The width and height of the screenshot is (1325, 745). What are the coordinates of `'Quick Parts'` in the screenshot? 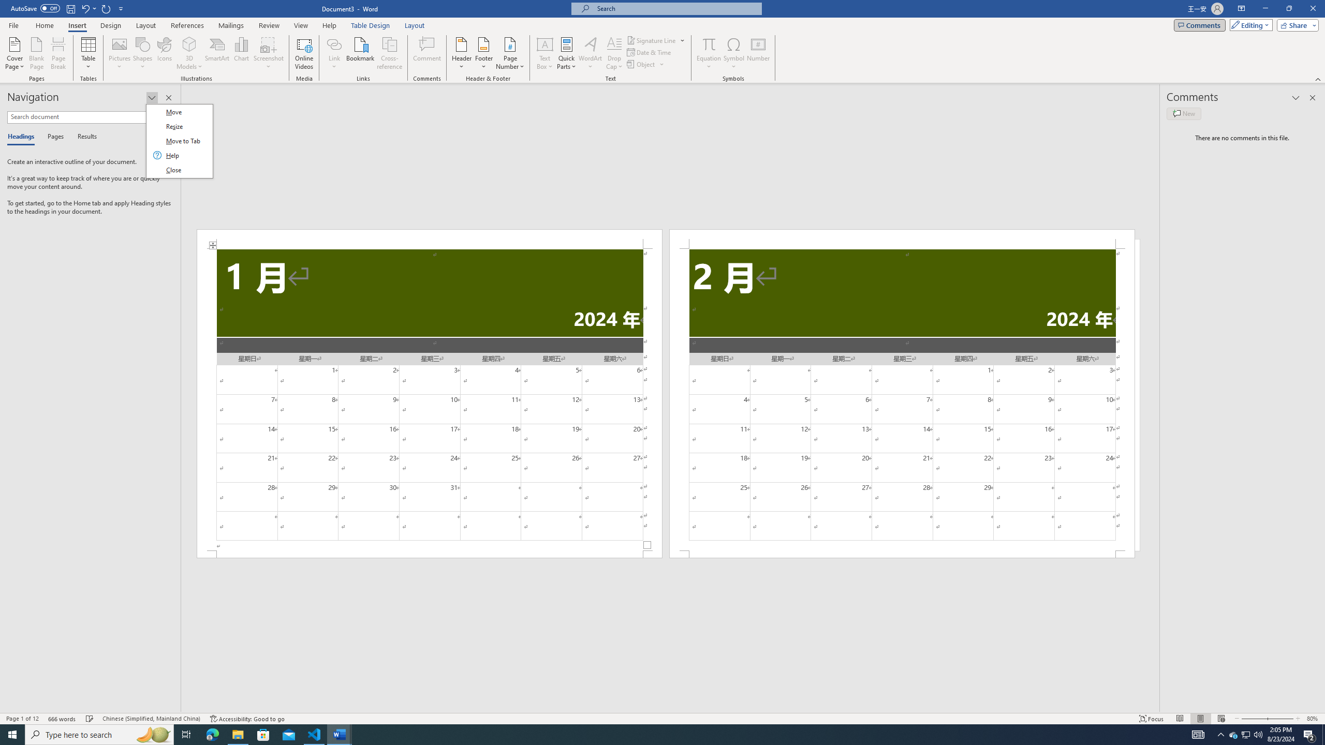 It's located at (566, 53).